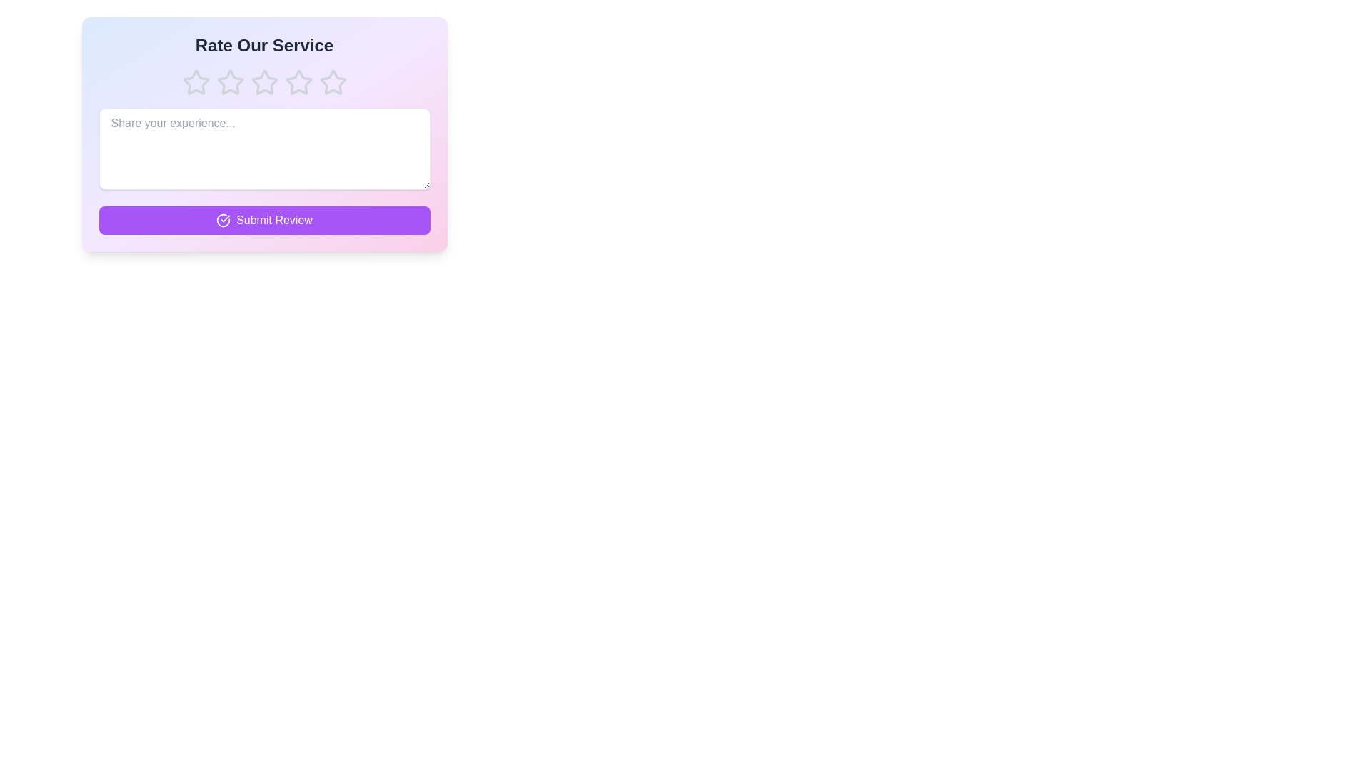  I want to click on the star corresponding to 4 to preview the rating, so click(298, 82).